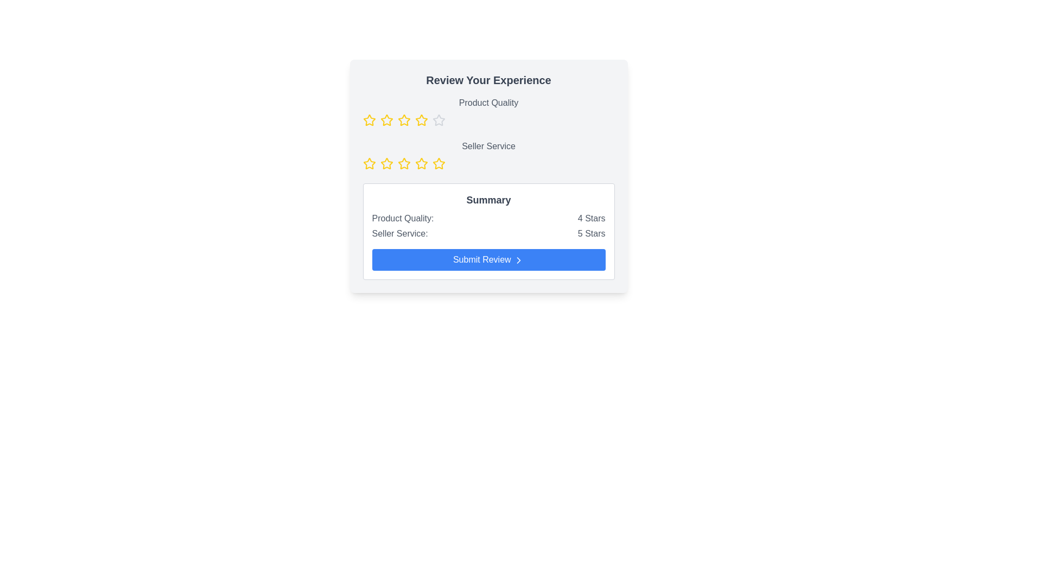  What do you see at coordinates (439, 163) in the screenshot?
I see `the fifth star icon in the 'Seller Service' rating row for potential rearrangement` at bounding box center [439, 163].